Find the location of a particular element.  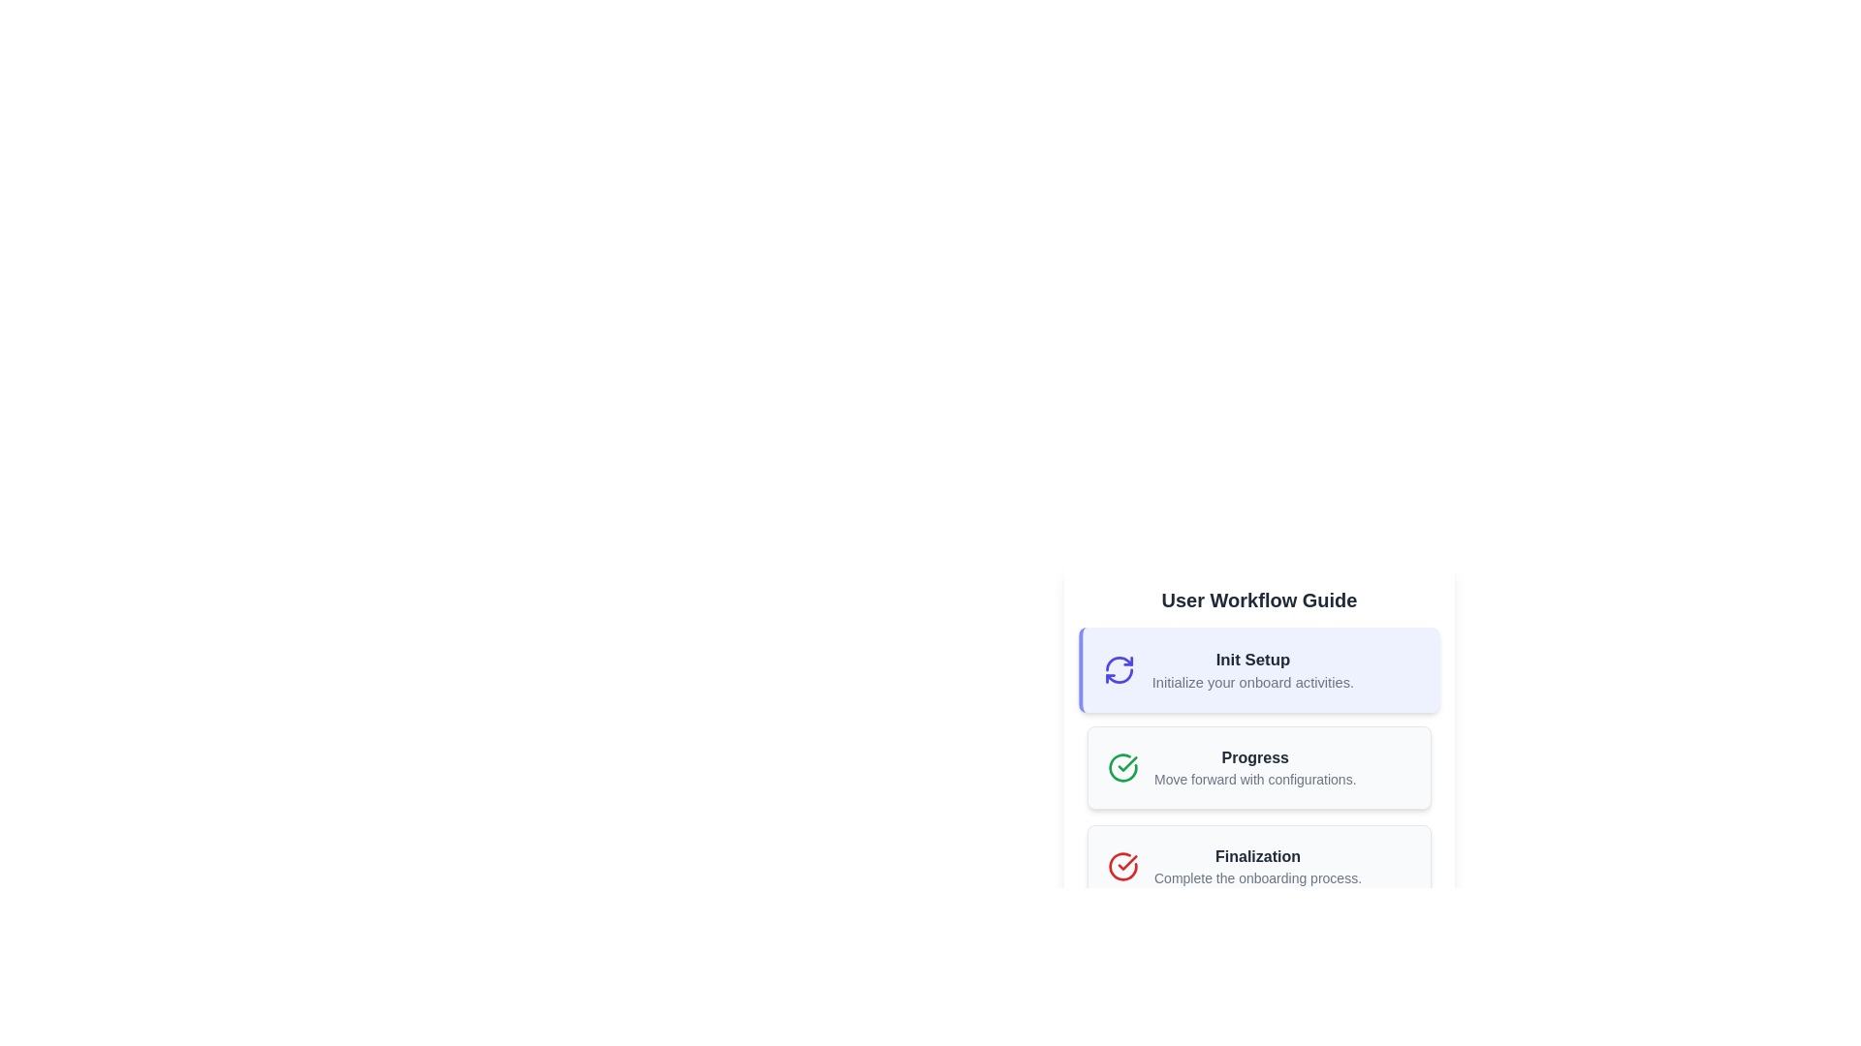

the 'Finalization' heading text label, which indicates the title for the final step of the user workflow guide is located at coordinates (1258, 855).